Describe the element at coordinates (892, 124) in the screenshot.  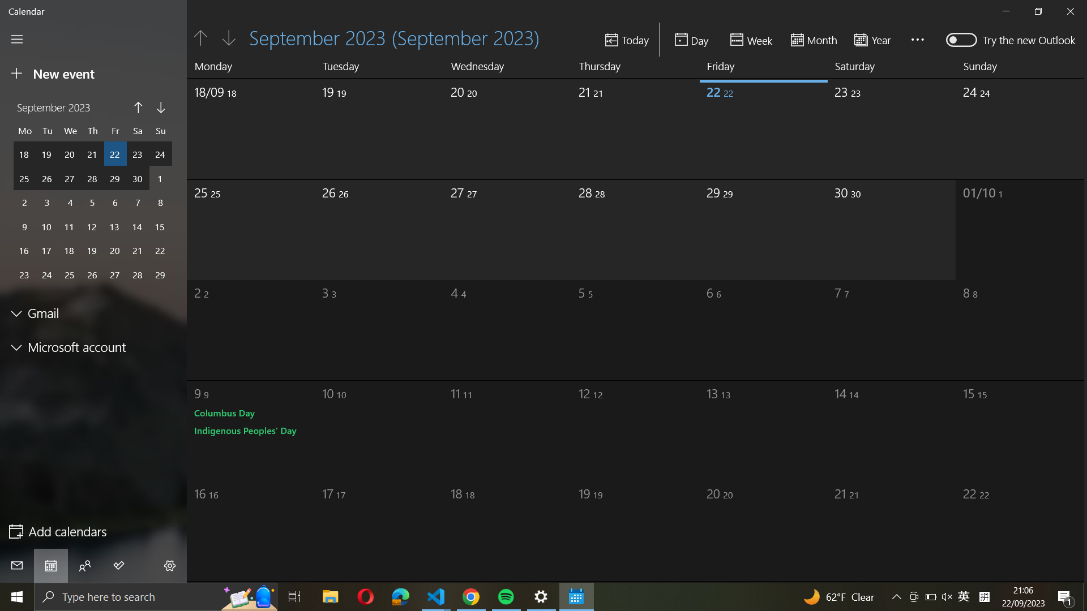
I see `the last day of September` at that location.